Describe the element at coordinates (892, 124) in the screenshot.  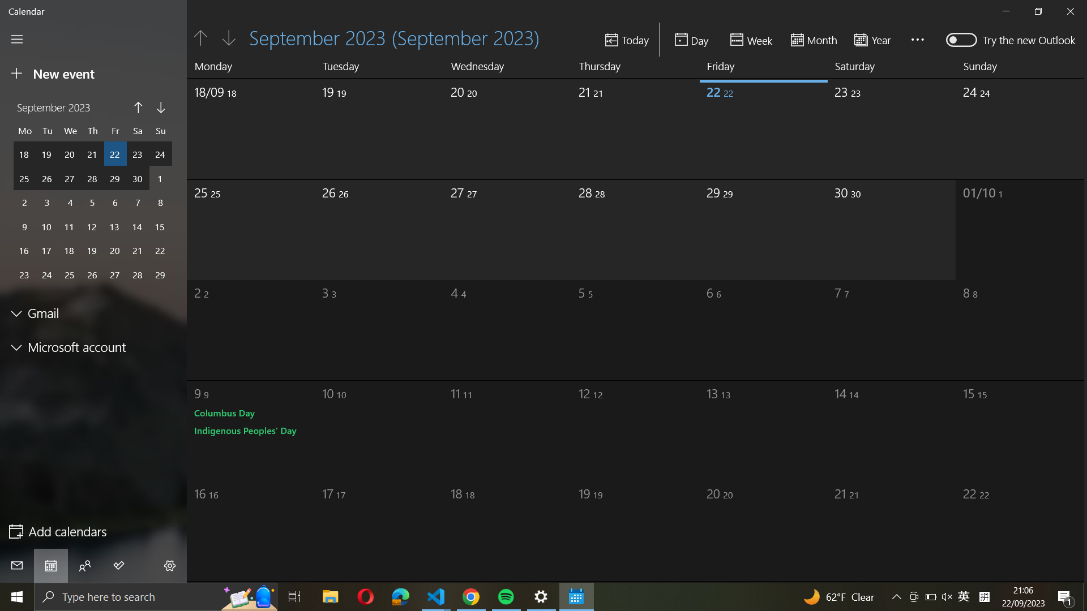
I see `the last day of September` at that location.